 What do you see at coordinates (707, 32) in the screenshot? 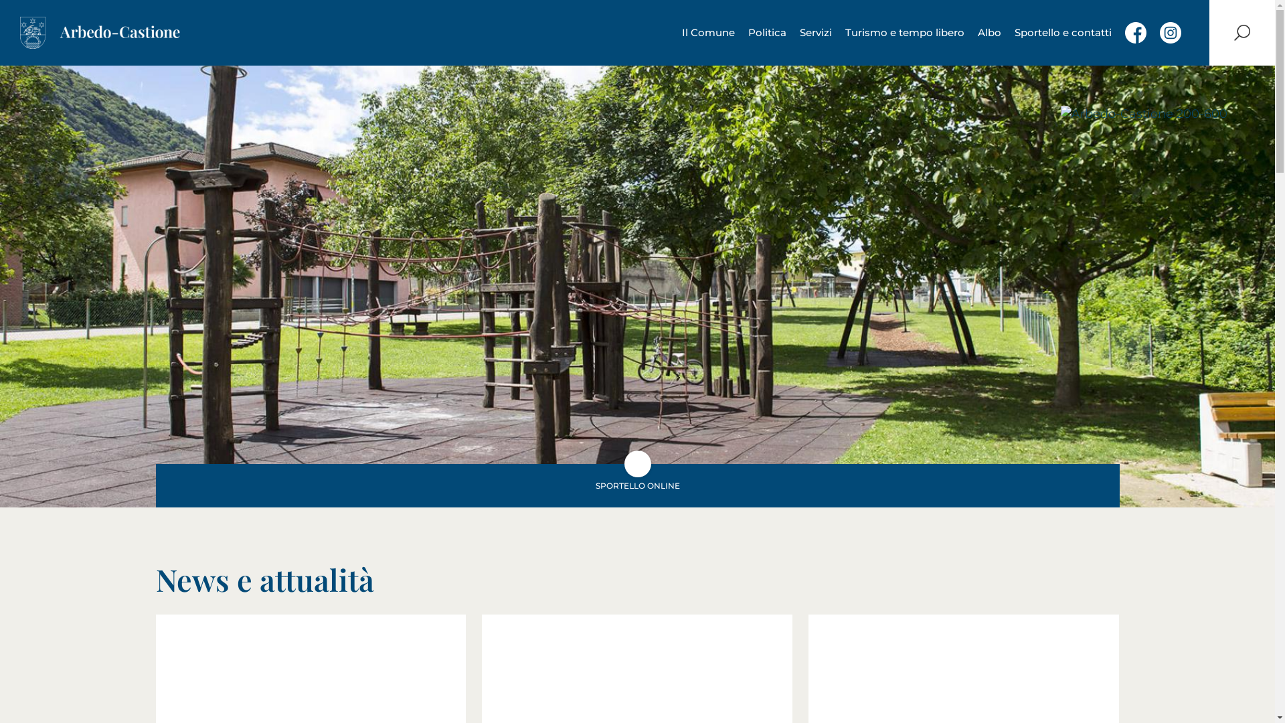
I see `'Il Comune'` at bounding box center [707, 32].